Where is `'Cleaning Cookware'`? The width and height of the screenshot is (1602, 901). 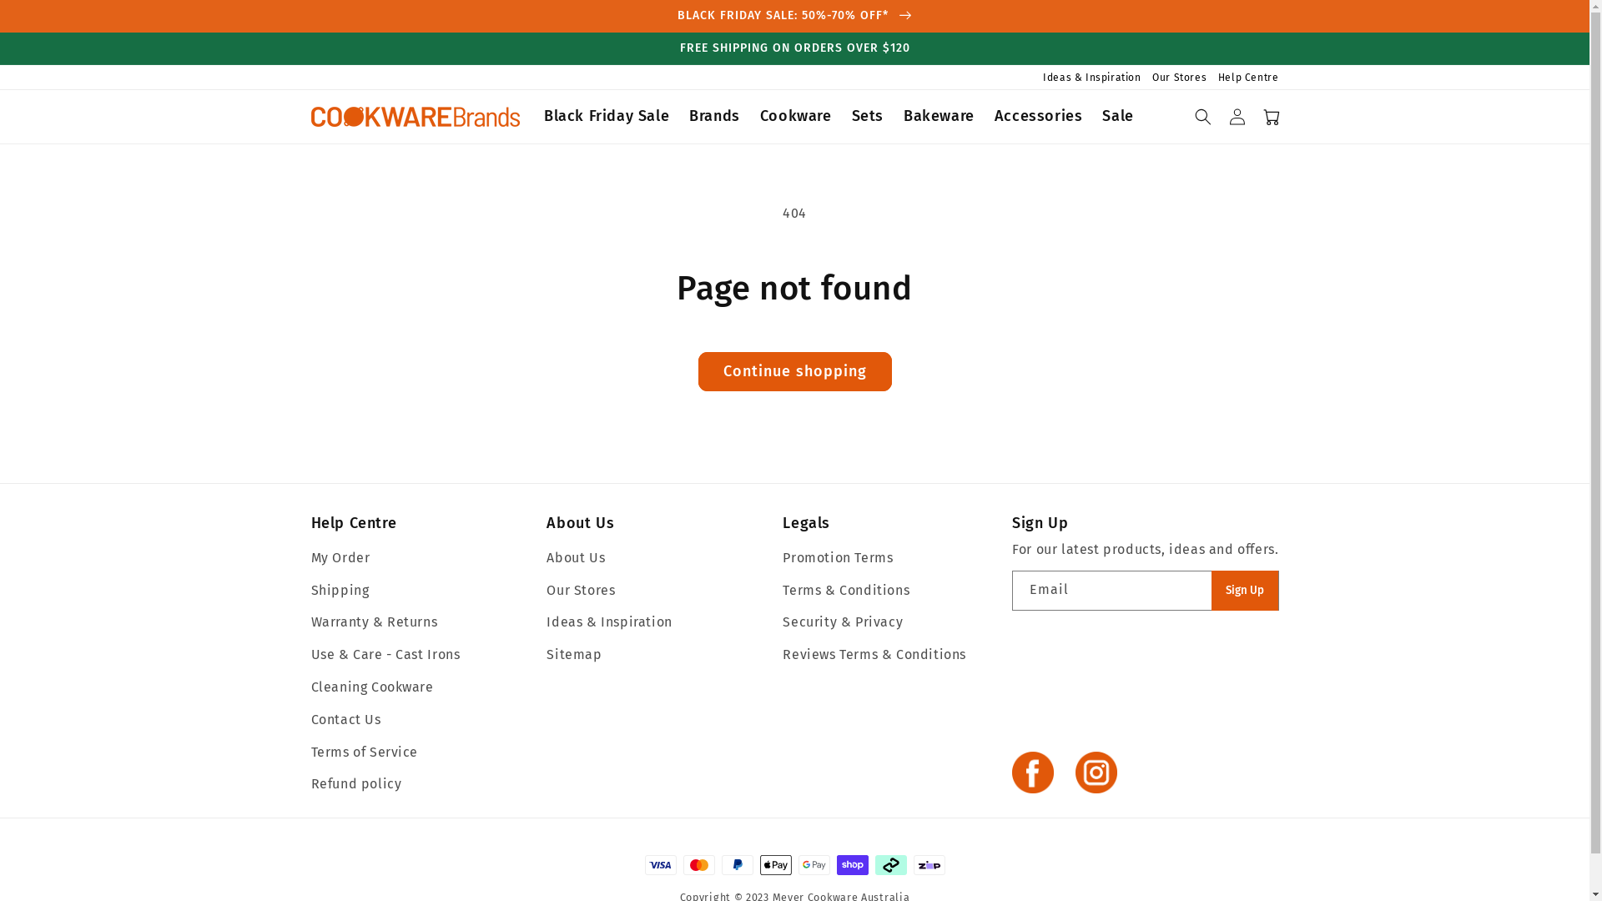 'Cleaning Cookware' is located at coordinates (370, 687).